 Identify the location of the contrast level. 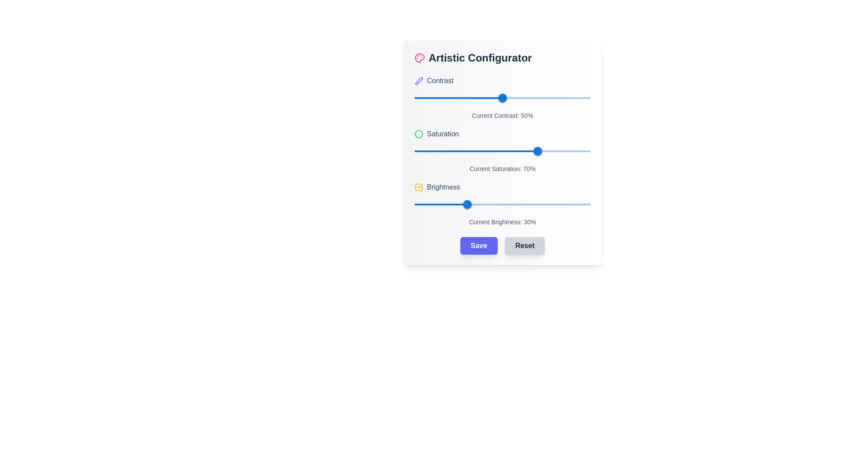
(432, 98).